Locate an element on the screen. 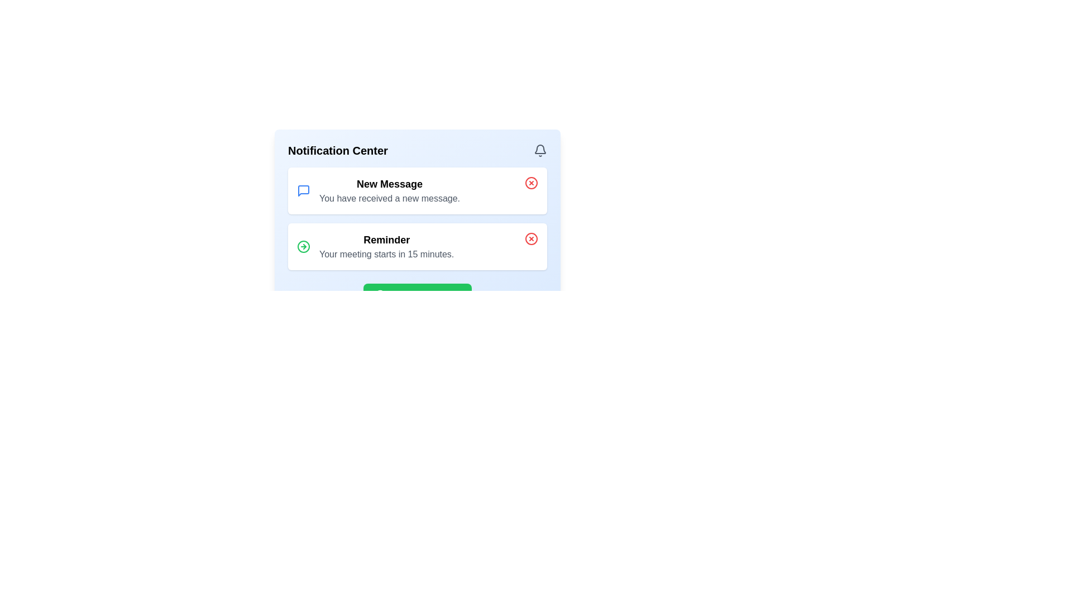  the Notification card component located in the second notification card of the Notification Center interface to acknowledge the notification is located at coordinates (375, 246).